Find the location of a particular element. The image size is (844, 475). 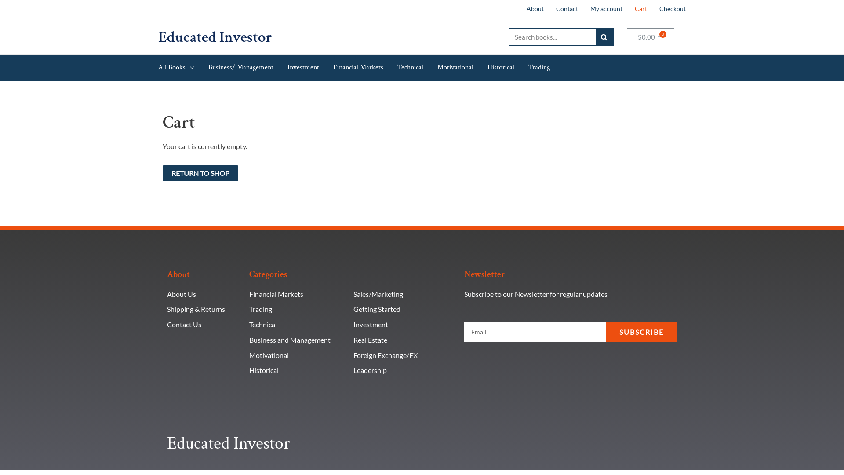

'Leadership' is located at coordinates (353, 370).